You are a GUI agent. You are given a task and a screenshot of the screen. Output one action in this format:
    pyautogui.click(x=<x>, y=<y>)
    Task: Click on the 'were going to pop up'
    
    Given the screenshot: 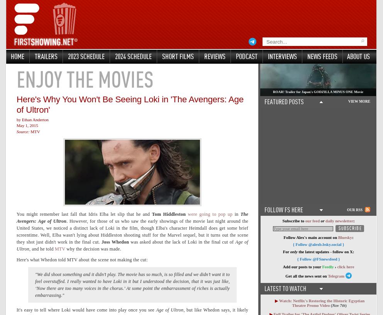 What is the action you would take?
    pyautogui.click(x=210, y=213)
    